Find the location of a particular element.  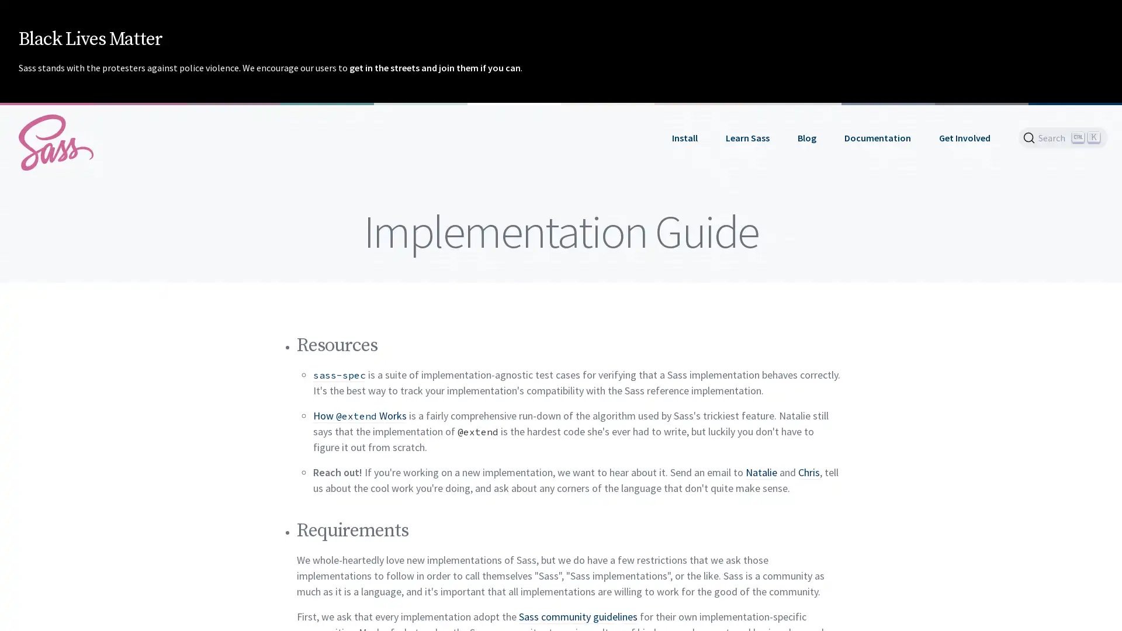

Search is located at coordinates (1063, 137).